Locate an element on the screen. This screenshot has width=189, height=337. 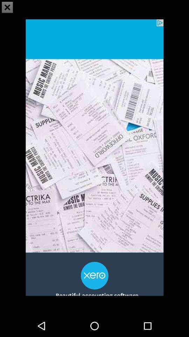
the close icon is located at coordinates (7, 7).